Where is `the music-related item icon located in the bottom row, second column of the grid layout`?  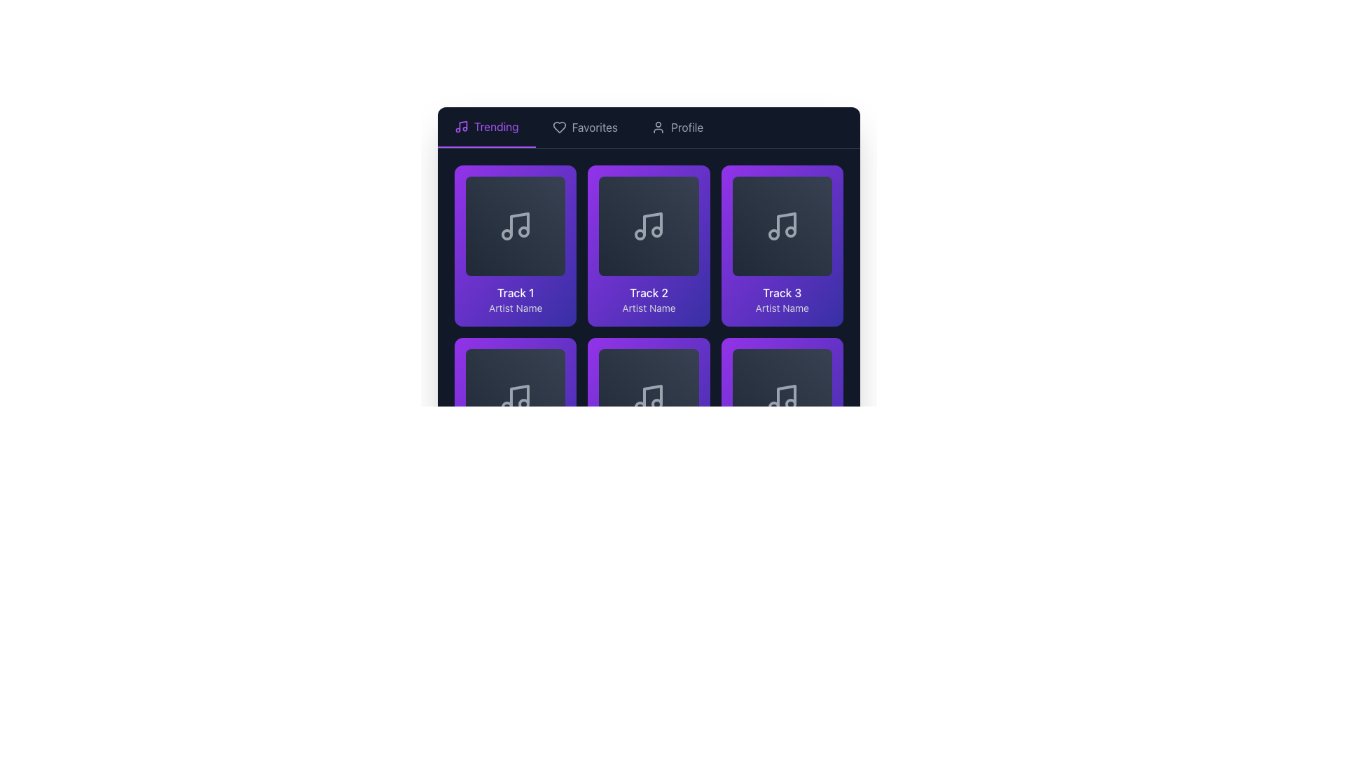
the music-related item icon located in the bottom row, second column of the grid layout is located at coordinates (648, 399).